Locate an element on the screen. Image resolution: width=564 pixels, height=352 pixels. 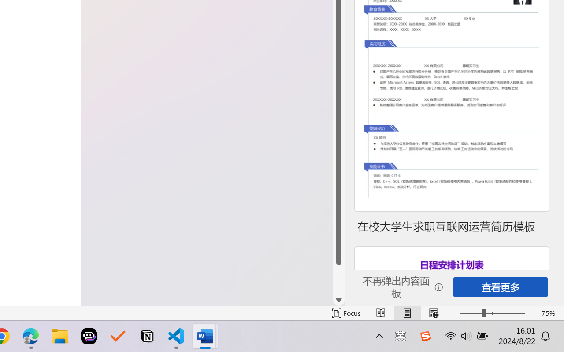
'Focus ' is located at coordinates (346, 313).